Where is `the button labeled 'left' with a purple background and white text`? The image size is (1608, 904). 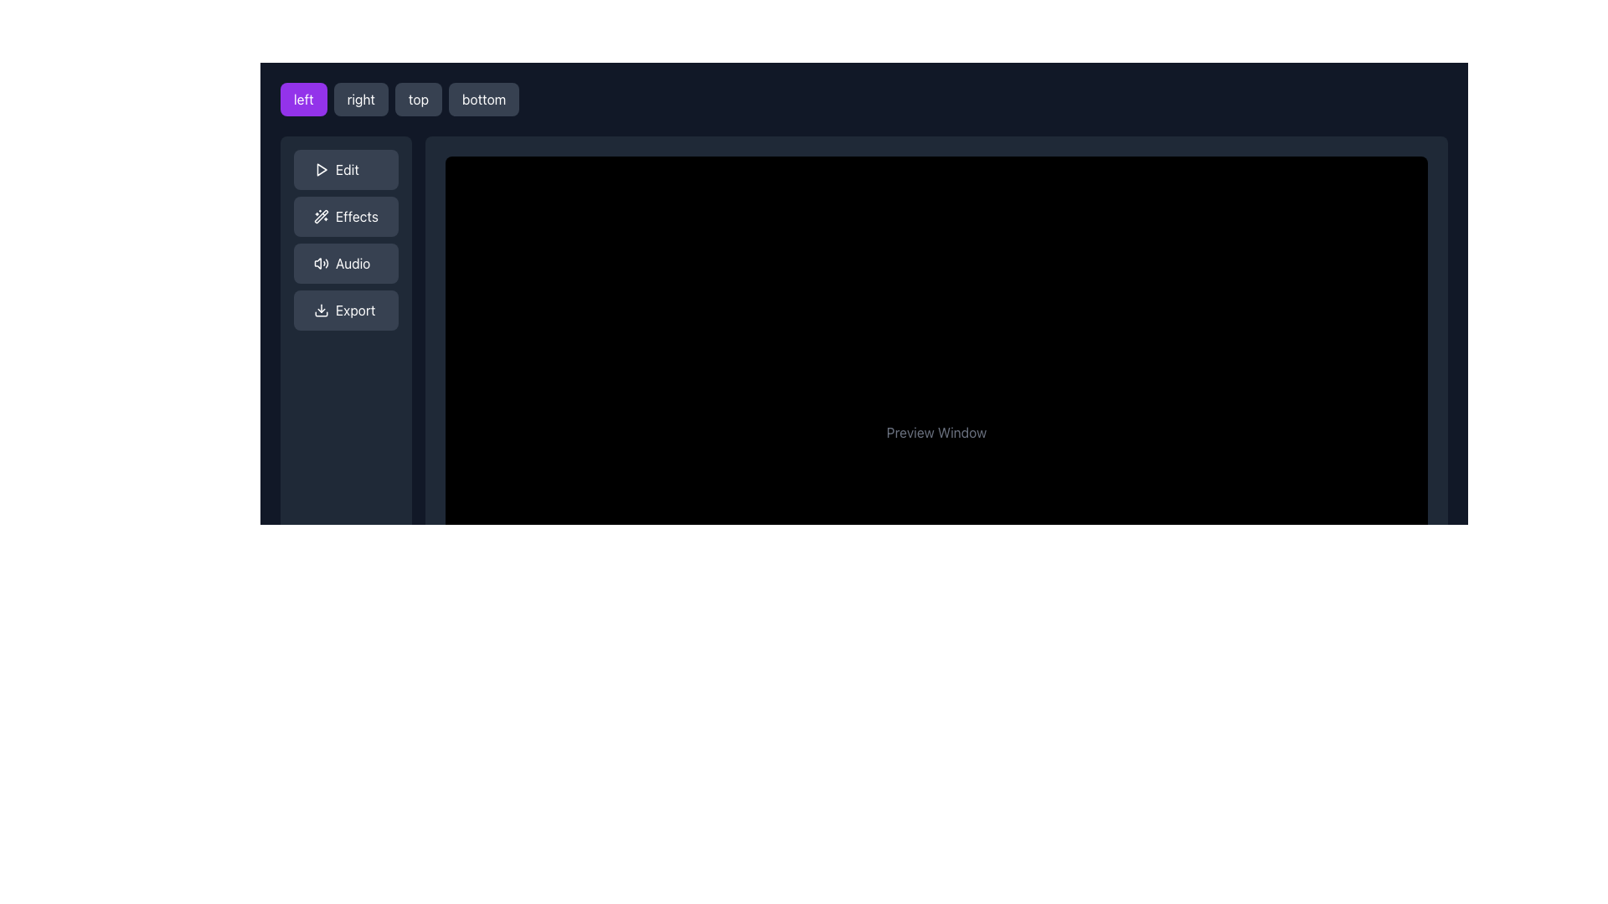
the button labeled 'left' with a purple background and white text is located at coordinates (303, 100).